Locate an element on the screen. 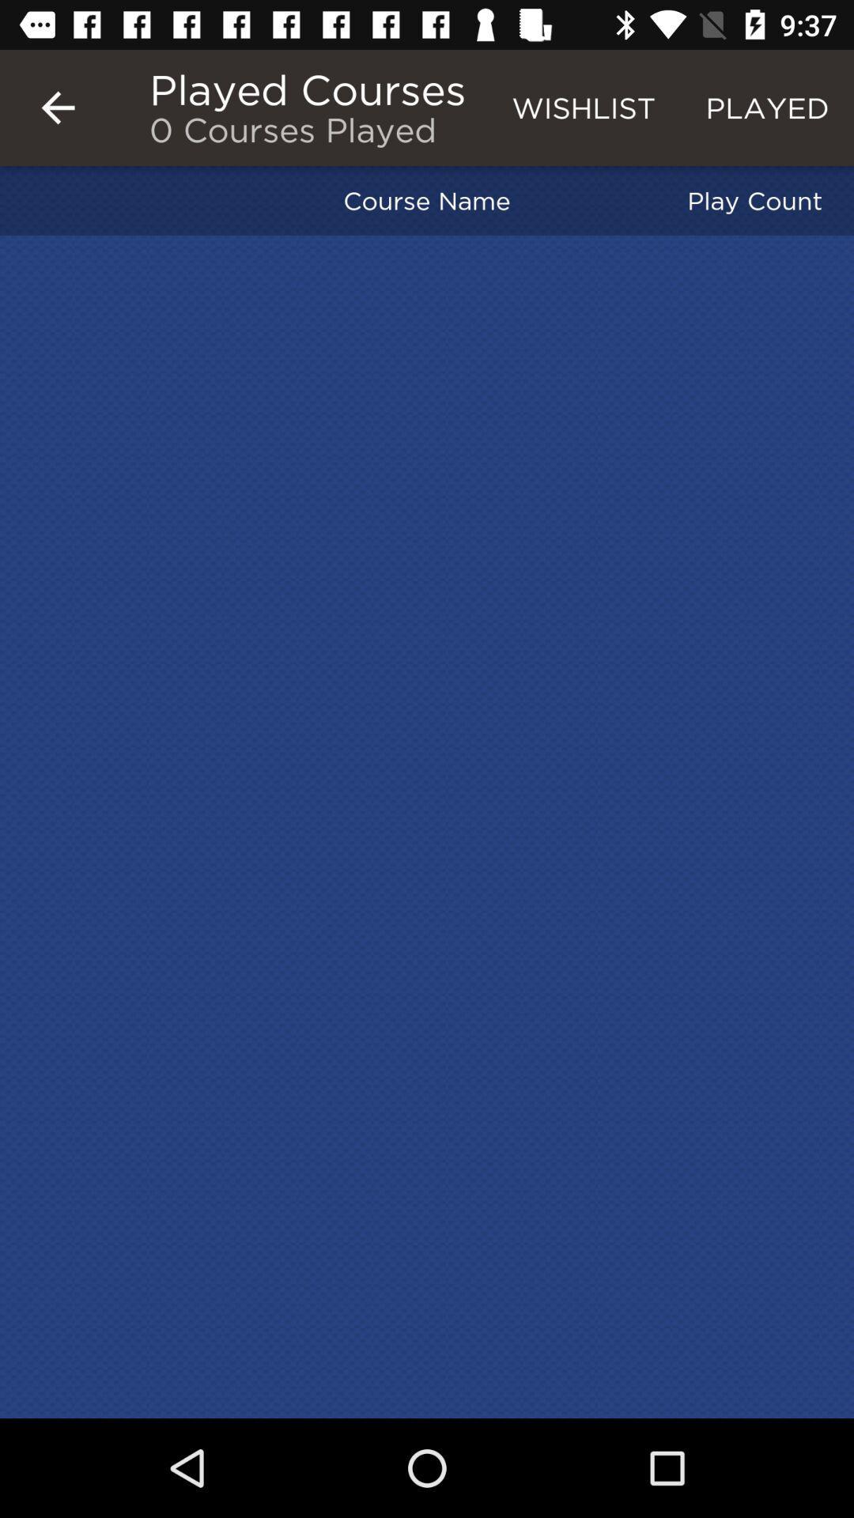 The width and height of the screenshot is (854, 1518). icon next to the played item is located at coordinates (584, 107).